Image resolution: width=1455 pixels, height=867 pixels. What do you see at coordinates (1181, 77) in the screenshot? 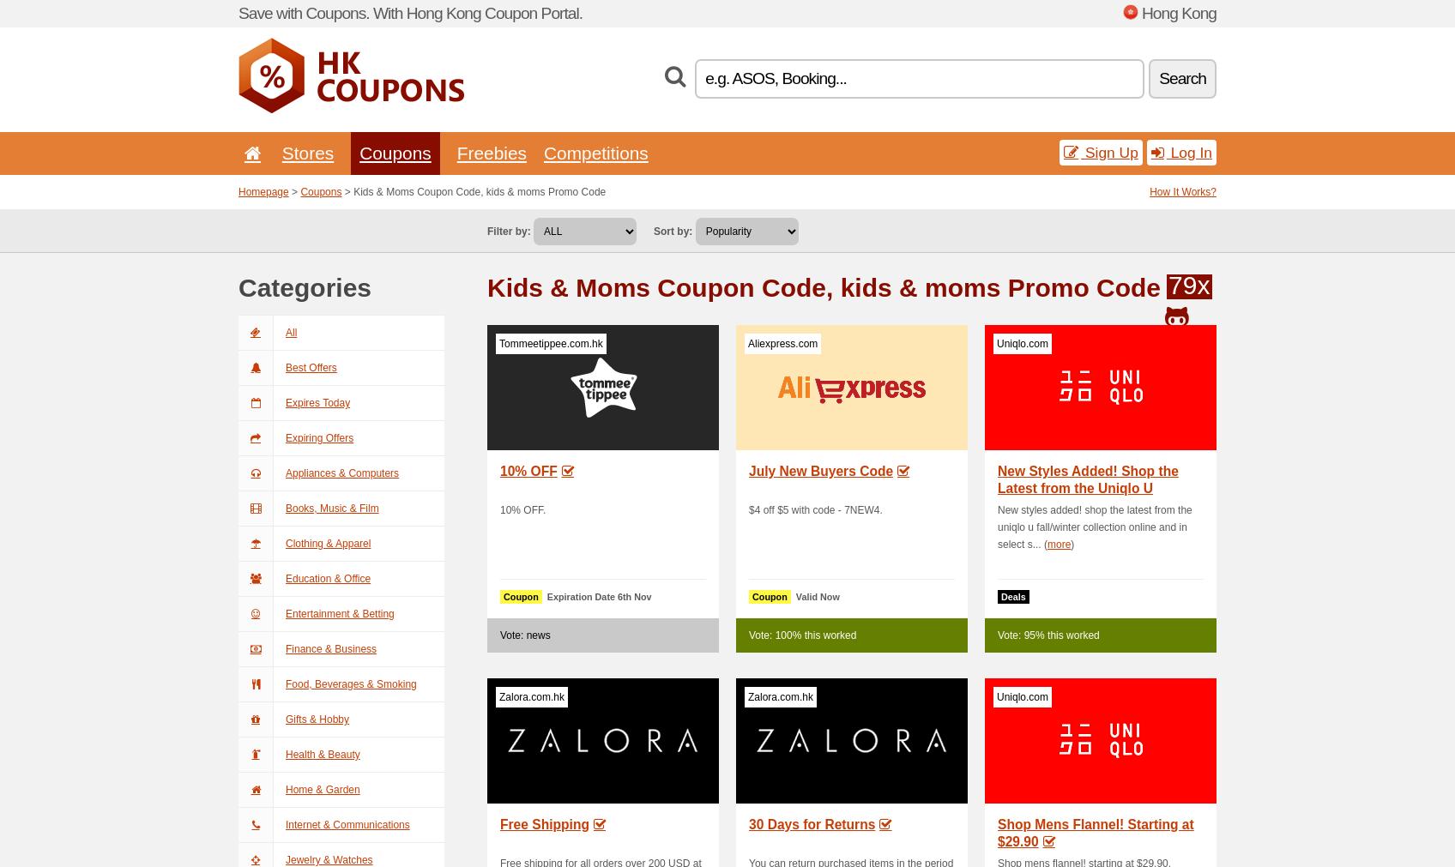
I see `'Search'` at bounding box center [1181, 77].